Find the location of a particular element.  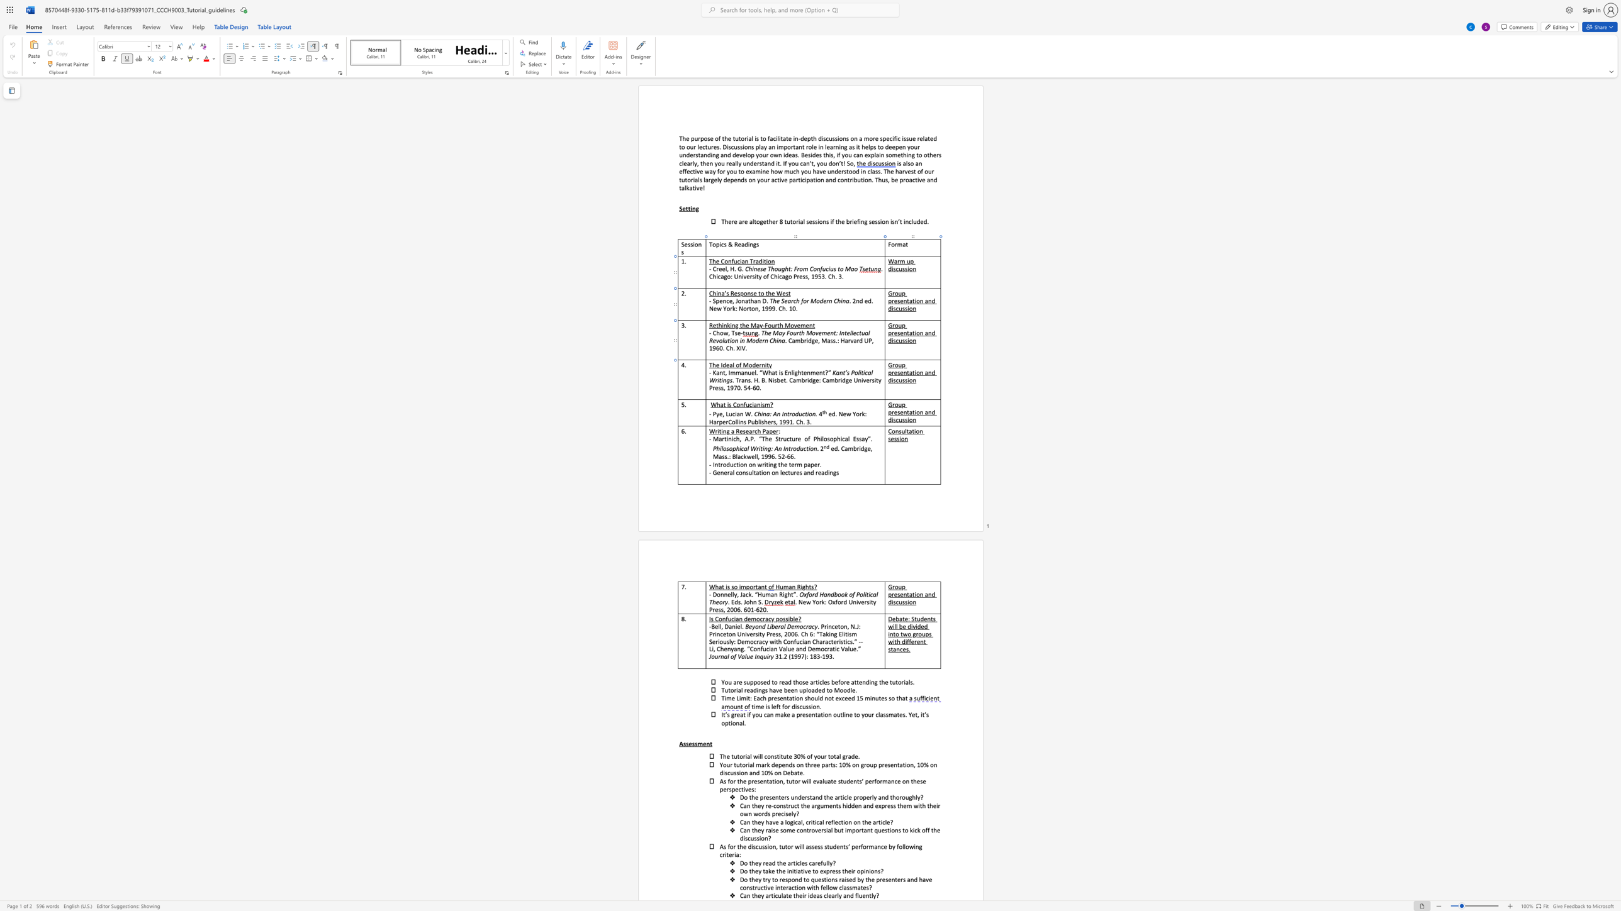

the 1th character "C" in the text is located at coordinates (790, 379).